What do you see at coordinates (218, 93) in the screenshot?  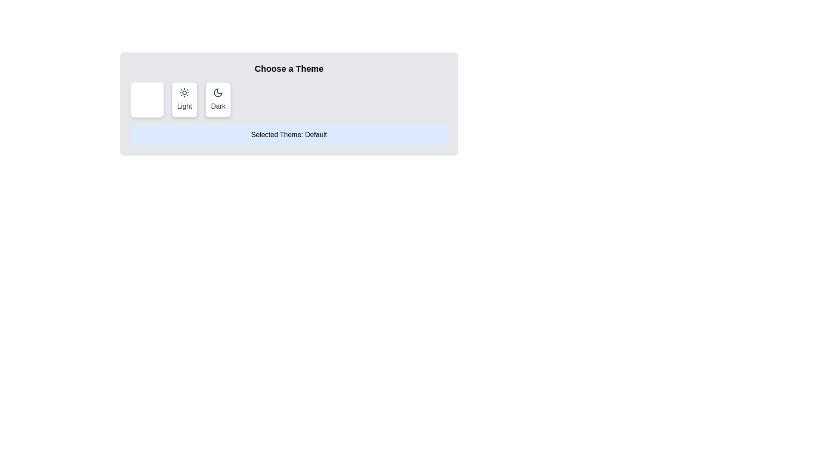 I see `the 'Dark' button that contains the dark-colored crescent moon icon positioned above the text 'Dark'` at bounding box center [218, 93].